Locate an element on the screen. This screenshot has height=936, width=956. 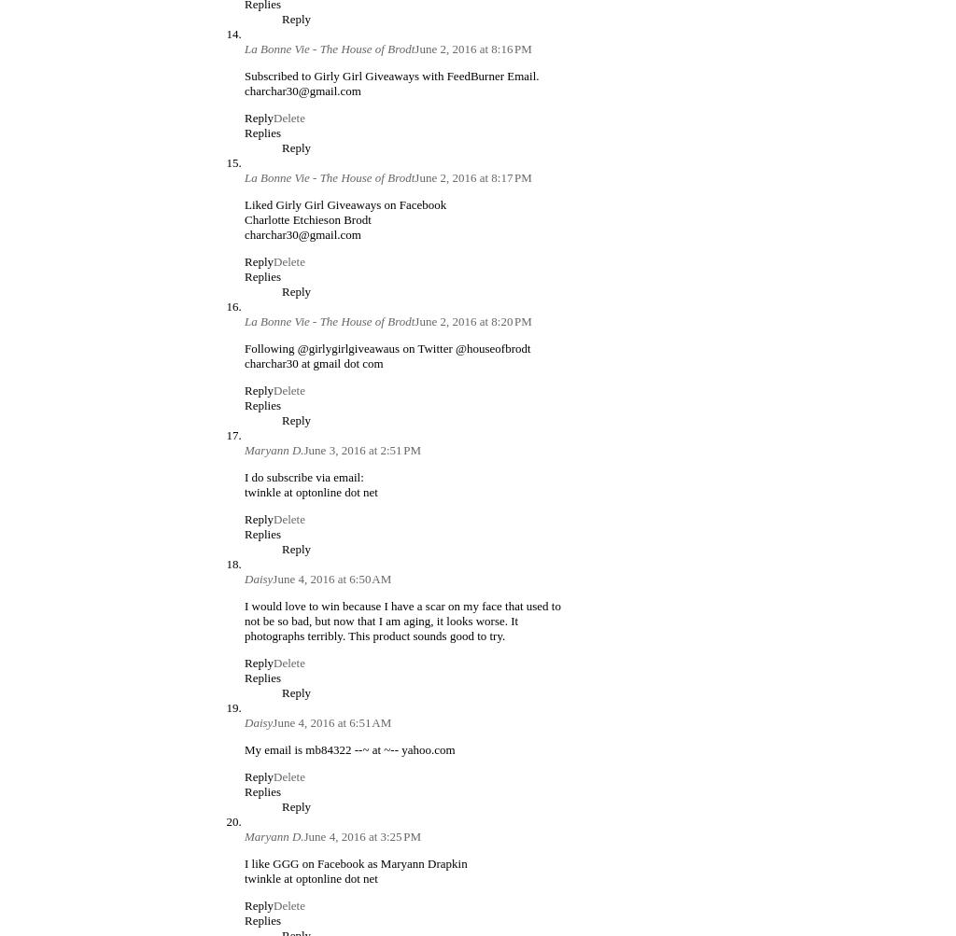
'I would love to win because I have a scar on my face that used to not be so bad, but now that I am aging, it looks worse. It photographs terribly.  This product sounds good to try.' is located at coordinates (402, 620).